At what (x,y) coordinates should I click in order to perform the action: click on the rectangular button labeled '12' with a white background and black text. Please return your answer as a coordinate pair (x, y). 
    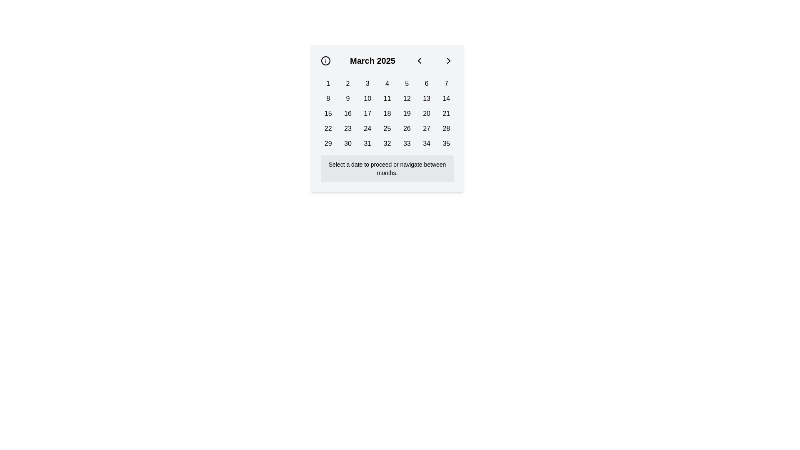
    Looking at the image, I should click on (407, 98).